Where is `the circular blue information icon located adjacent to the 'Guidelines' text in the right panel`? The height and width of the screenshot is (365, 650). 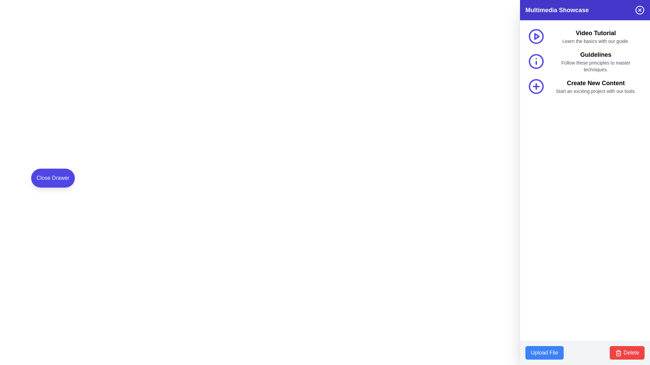 the circular blue information icon located adjacent to the 'Guidelines' text in the right panel is located at coordinates (536, 61).